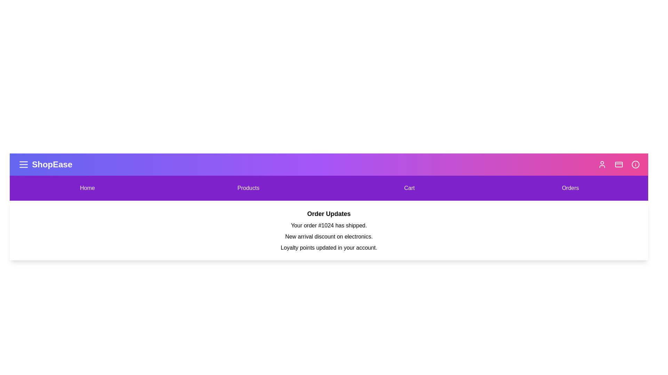  Describe the element at coordinates (636, 165) in the screenshot. I see `the info icon to toggle the visibility of notifications` at that location.